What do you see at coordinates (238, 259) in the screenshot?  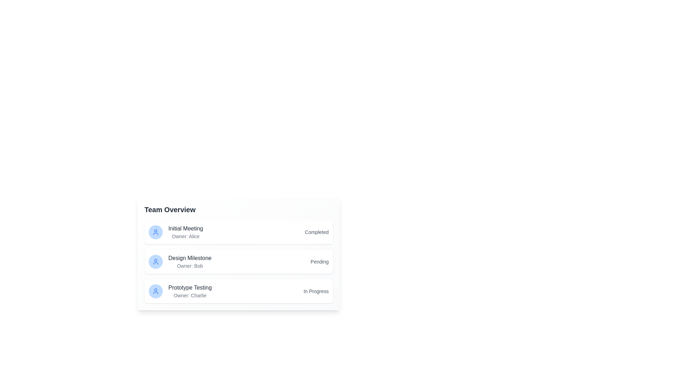 I see `the second List Item in the 'Team Overview' section, which prominently displays 'Design Milestone' on the left, 'Owner: Bob' underneath, and 'Pending' on the right` at bounding box center [238, 259].